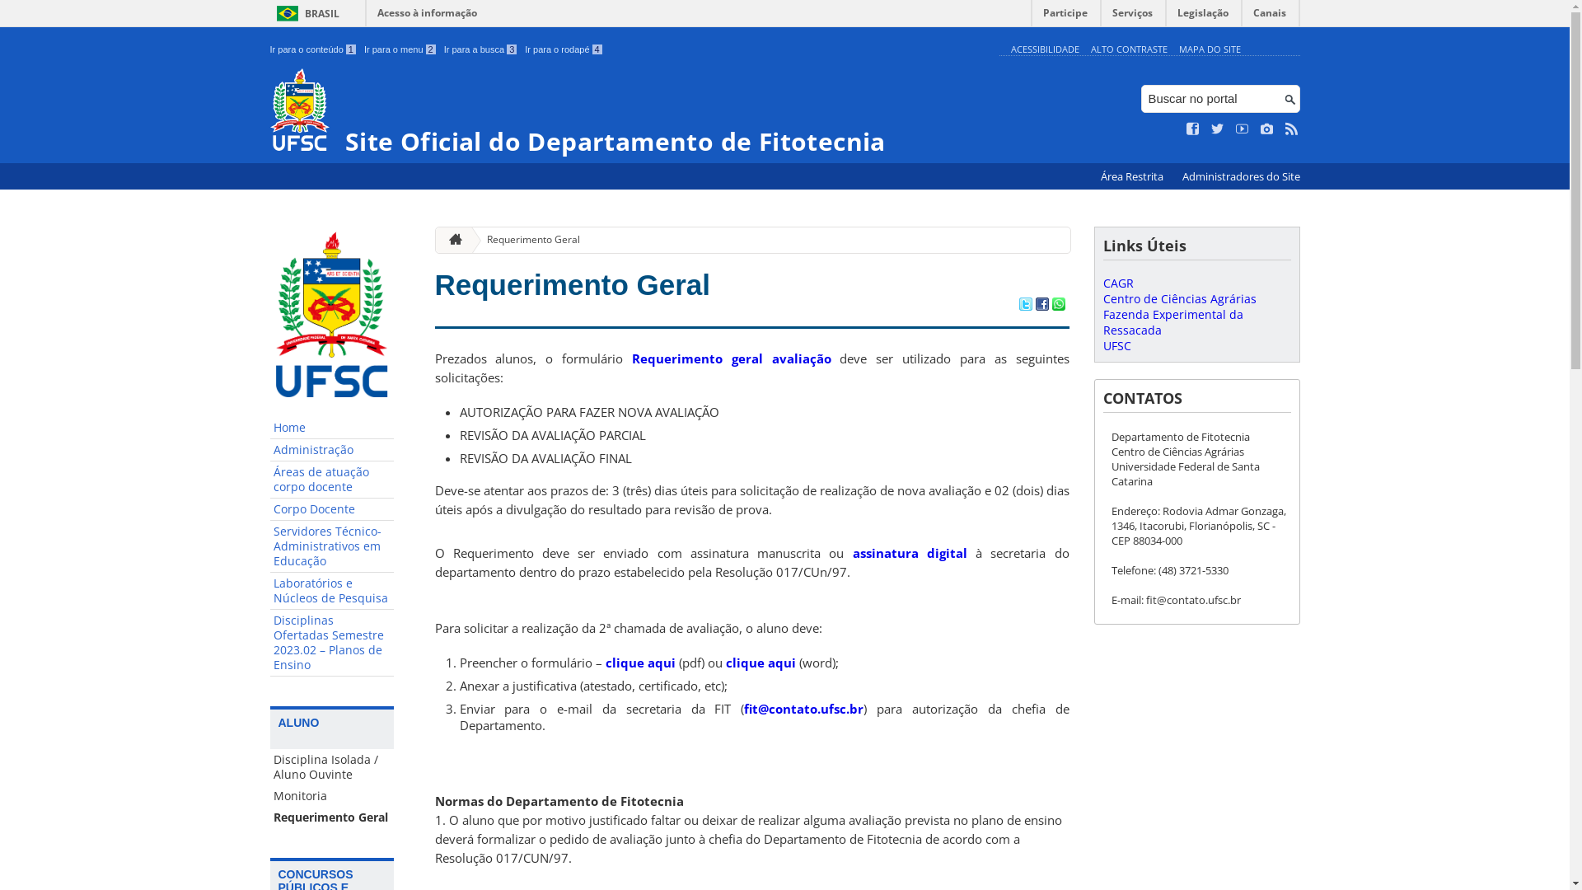  What do you see at coordinates (909, 553) in the screenshot?
I see `'assinatura digital'` at bounding box center [909, 553].